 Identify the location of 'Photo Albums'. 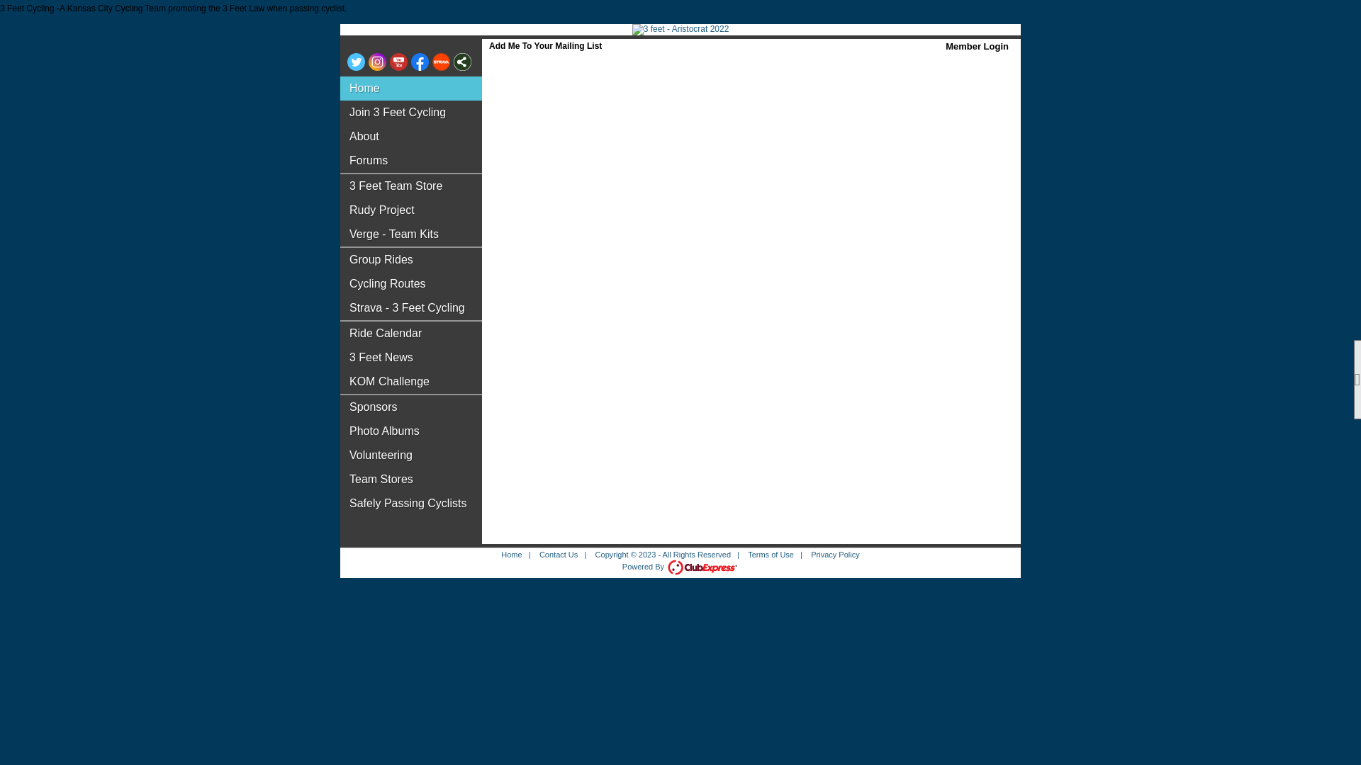
(410, 431).